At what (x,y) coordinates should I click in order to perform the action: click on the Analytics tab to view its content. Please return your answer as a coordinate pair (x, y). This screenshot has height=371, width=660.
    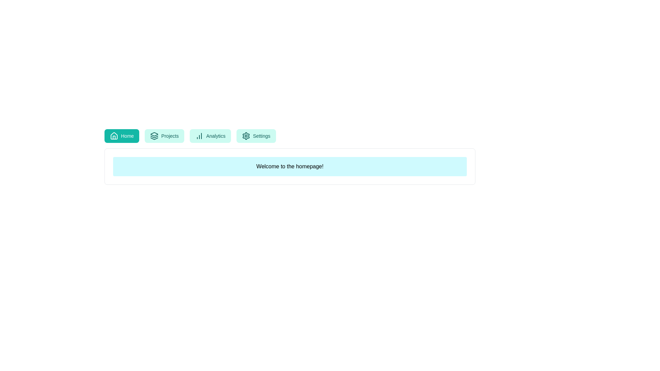
    Looking at the image, I should click on (210, 136).